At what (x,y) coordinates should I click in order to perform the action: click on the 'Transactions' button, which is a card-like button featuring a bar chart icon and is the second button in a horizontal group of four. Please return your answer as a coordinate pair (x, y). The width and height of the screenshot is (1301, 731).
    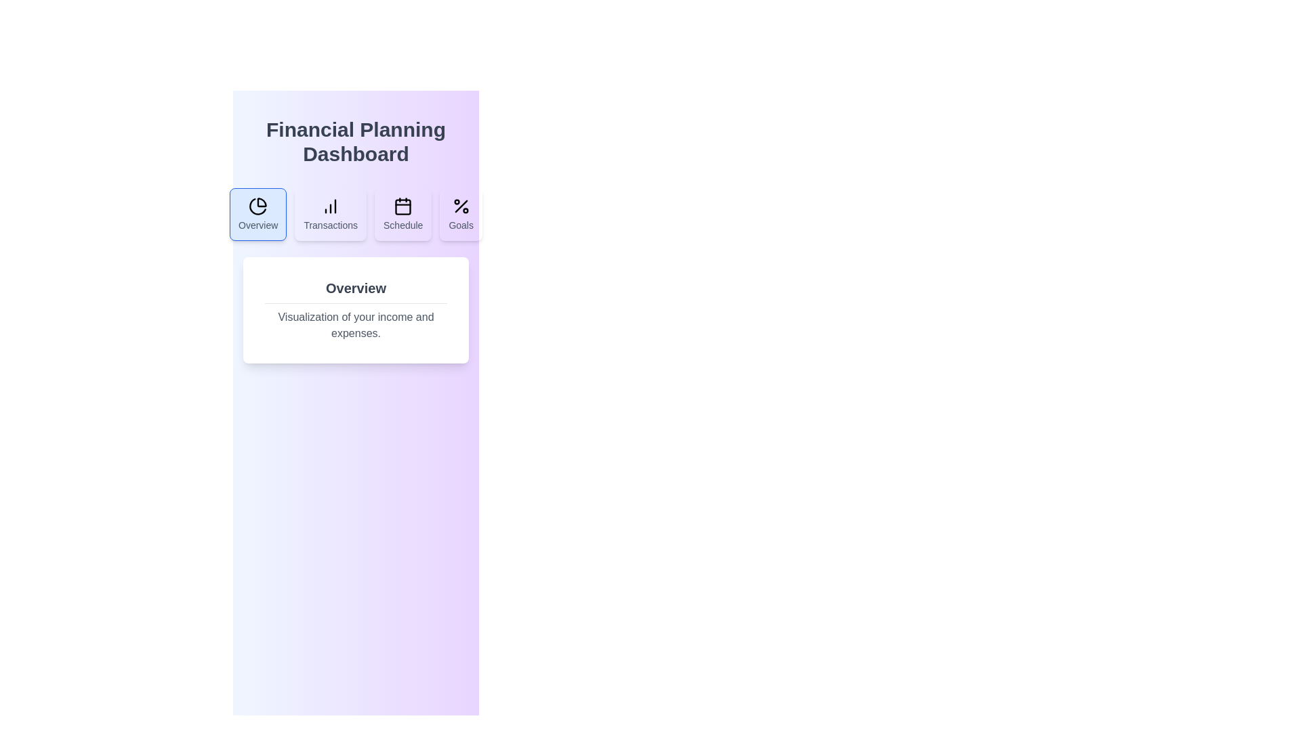
    Looking at the image, I should click on (331, 213).